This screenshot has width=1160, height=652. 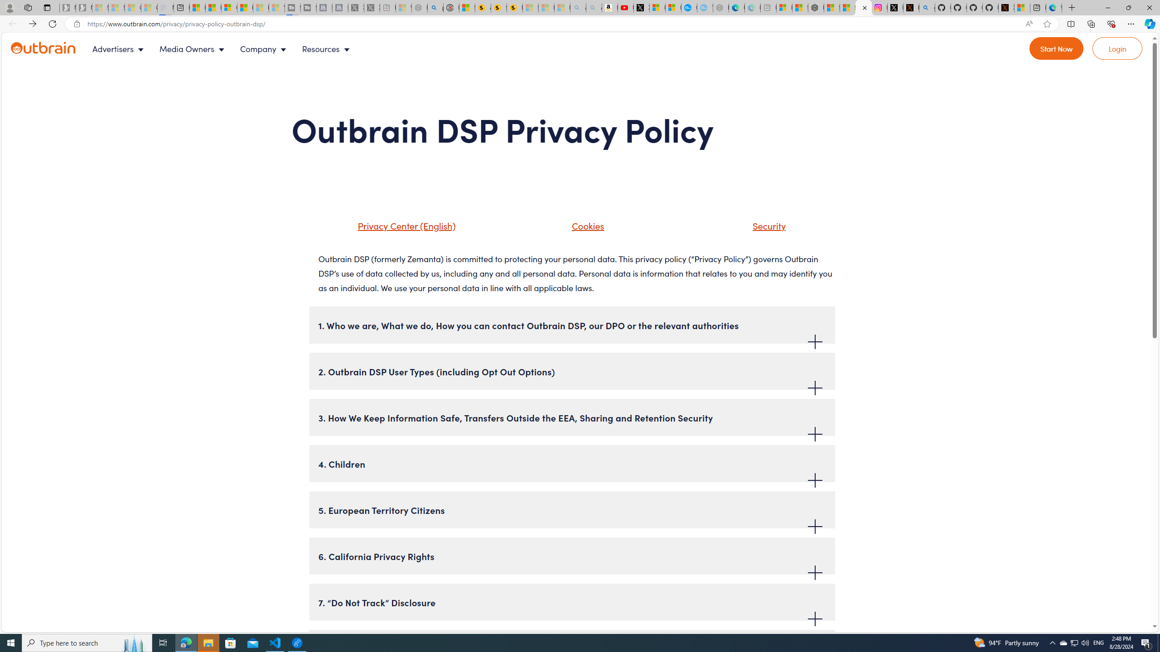 What do you see at coordinates (1117, 48) in the screenshot?
I see `'Go to login'` at bounding box center [1117, 48].